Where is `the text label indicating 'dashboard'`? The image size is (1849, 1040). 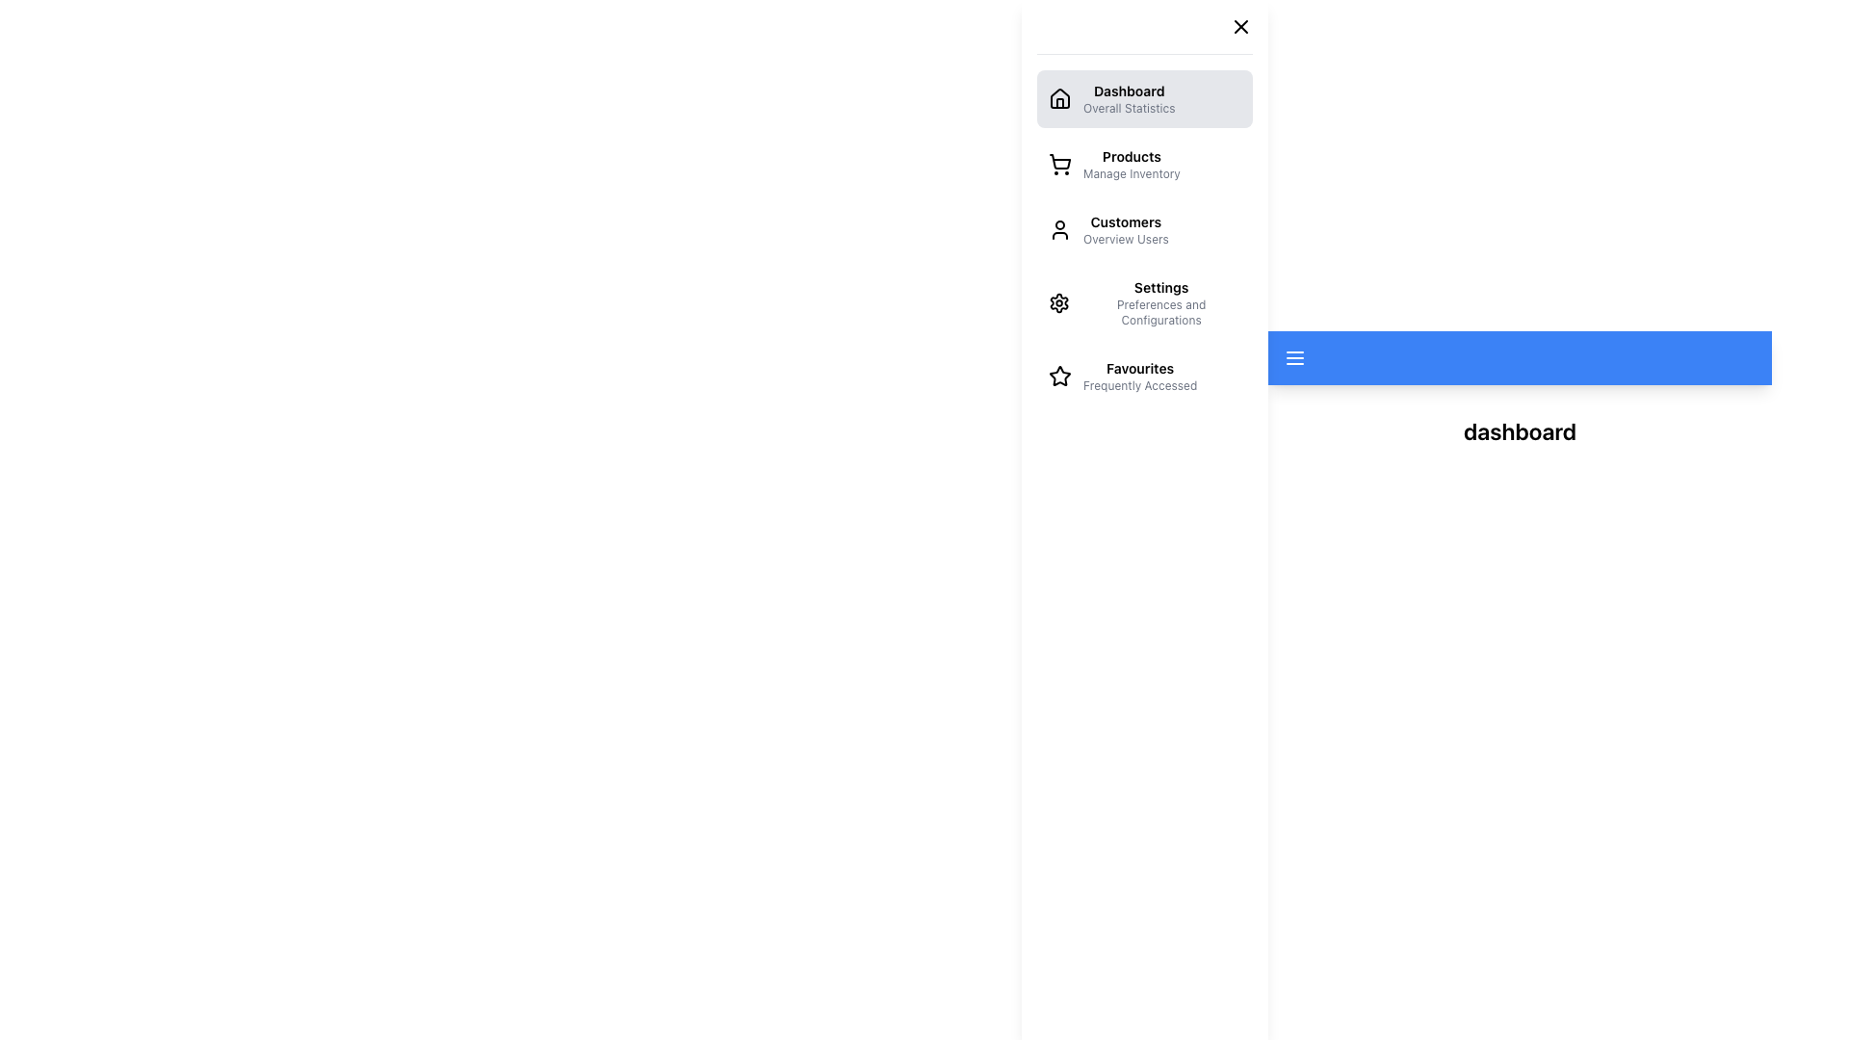 the text label indicating 'dashboard' is located at coordinates (1519, 429).